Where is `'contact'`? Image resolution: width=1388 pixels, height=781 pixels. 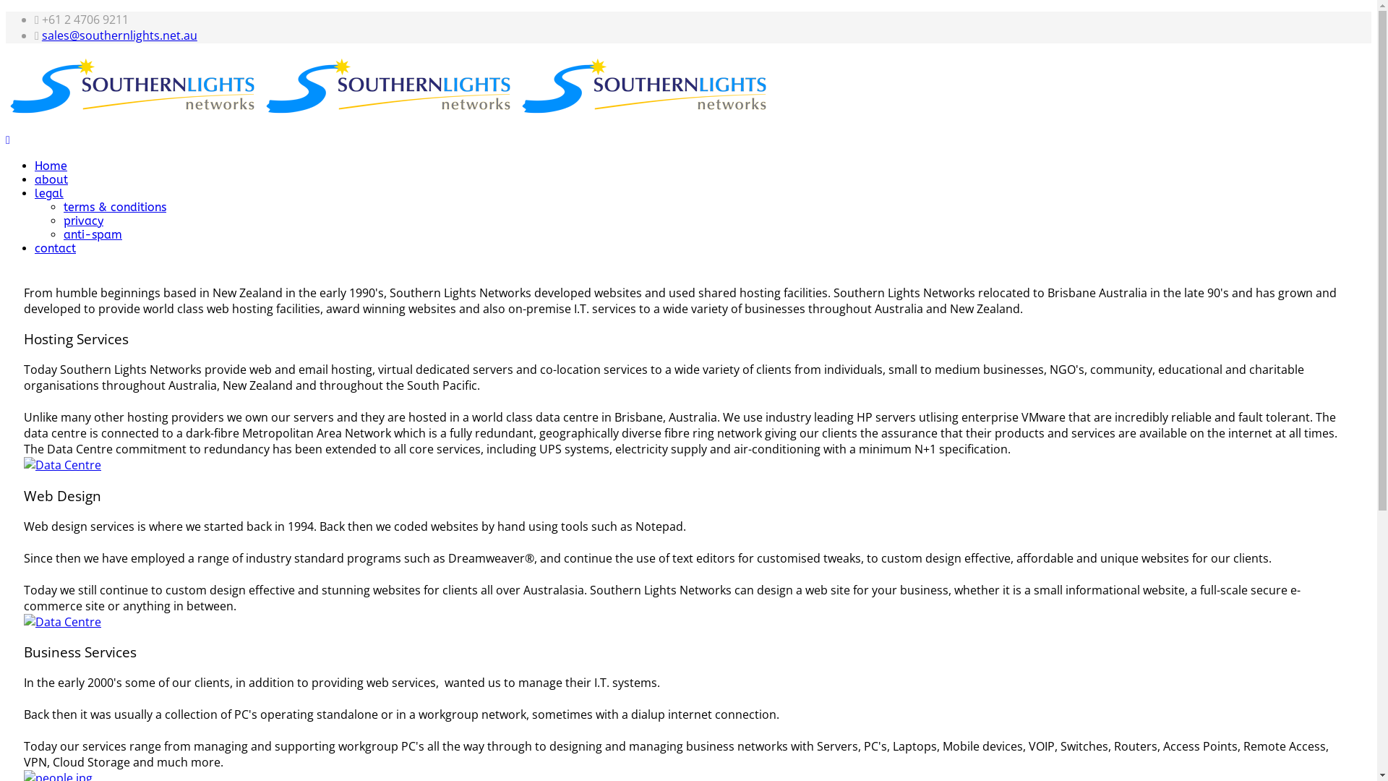 'contact' is located at coordinates (35, 247).